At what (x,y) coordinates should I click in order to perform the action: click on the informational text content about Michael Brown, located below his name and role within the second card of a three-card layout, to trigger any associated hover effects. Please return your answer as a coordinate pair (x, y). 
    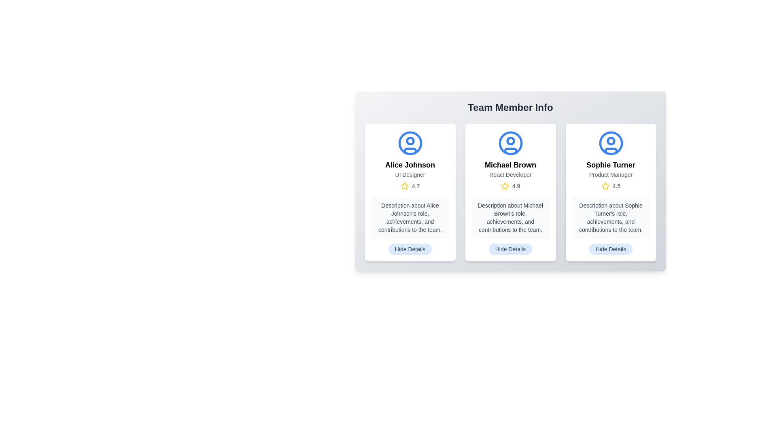
    Looking at the image, I should click on (510, 217).